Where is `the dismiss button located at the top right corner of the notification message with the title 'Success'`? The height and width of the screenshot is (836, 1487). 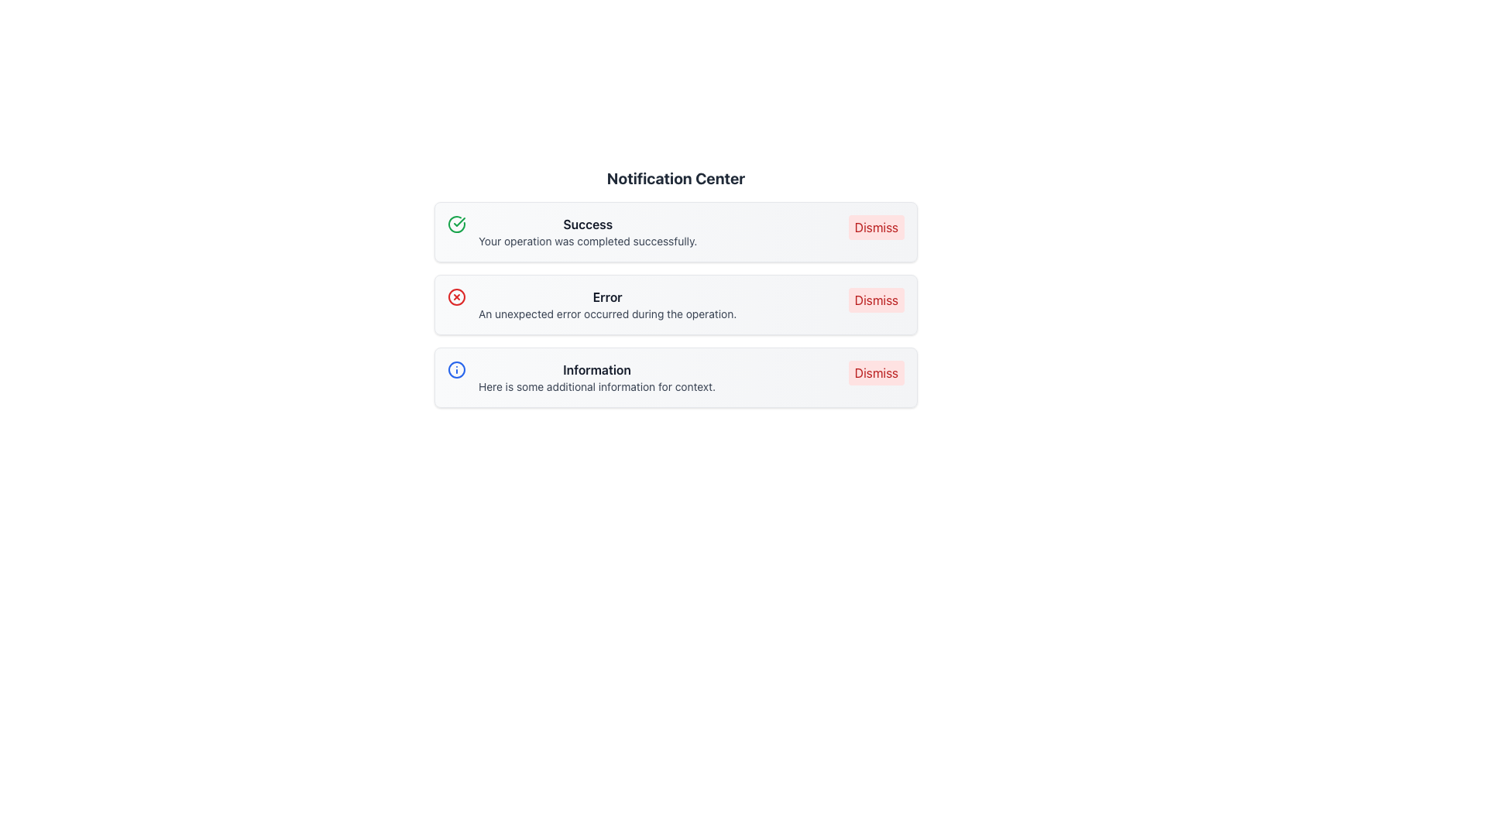 the dismiss button located at the top right corner of the notification message with the title 'Success' is located at coordinates (876, 227).